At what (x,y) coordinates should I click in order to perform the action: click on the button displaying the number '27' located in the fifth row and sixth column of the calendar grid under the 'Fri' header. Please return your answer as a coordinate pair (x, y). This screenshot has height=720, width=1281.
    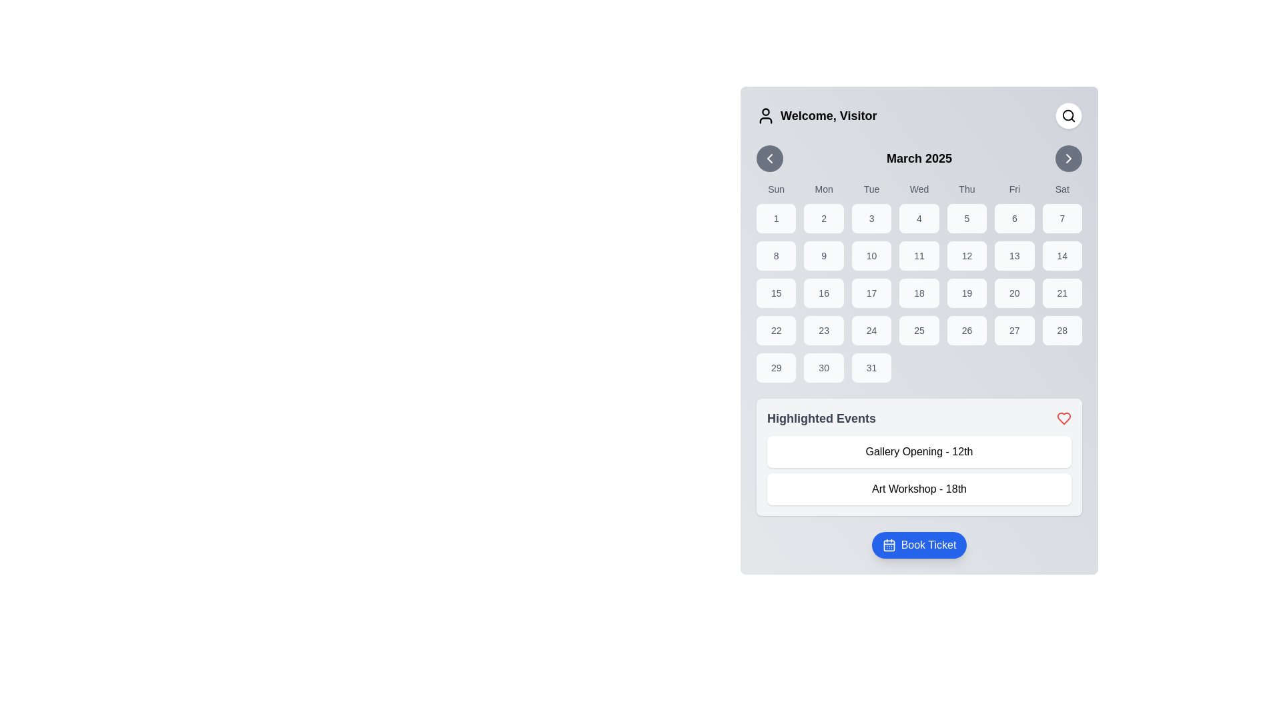
    Looking at the image, I should click on (1014, 330).